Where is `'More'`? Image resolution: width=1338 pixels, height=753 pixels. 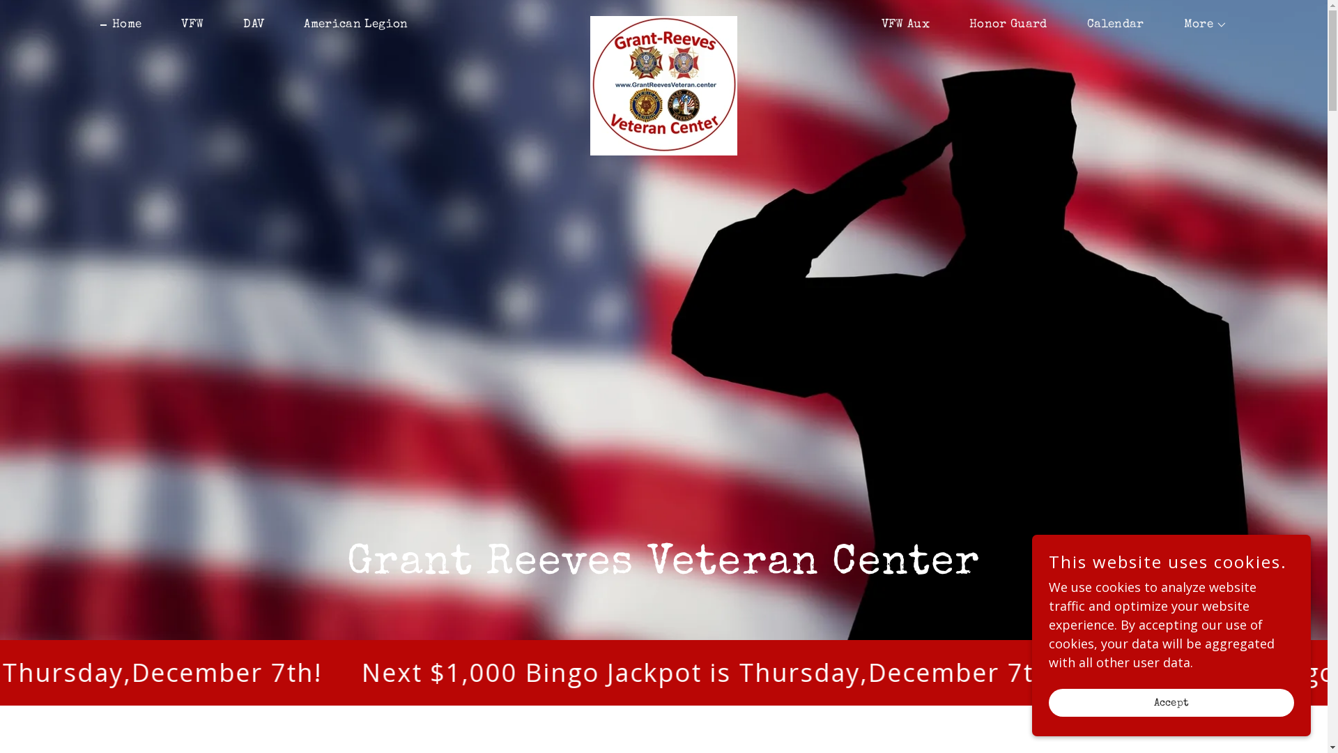
'More' is located at coordinates (1199, 24).